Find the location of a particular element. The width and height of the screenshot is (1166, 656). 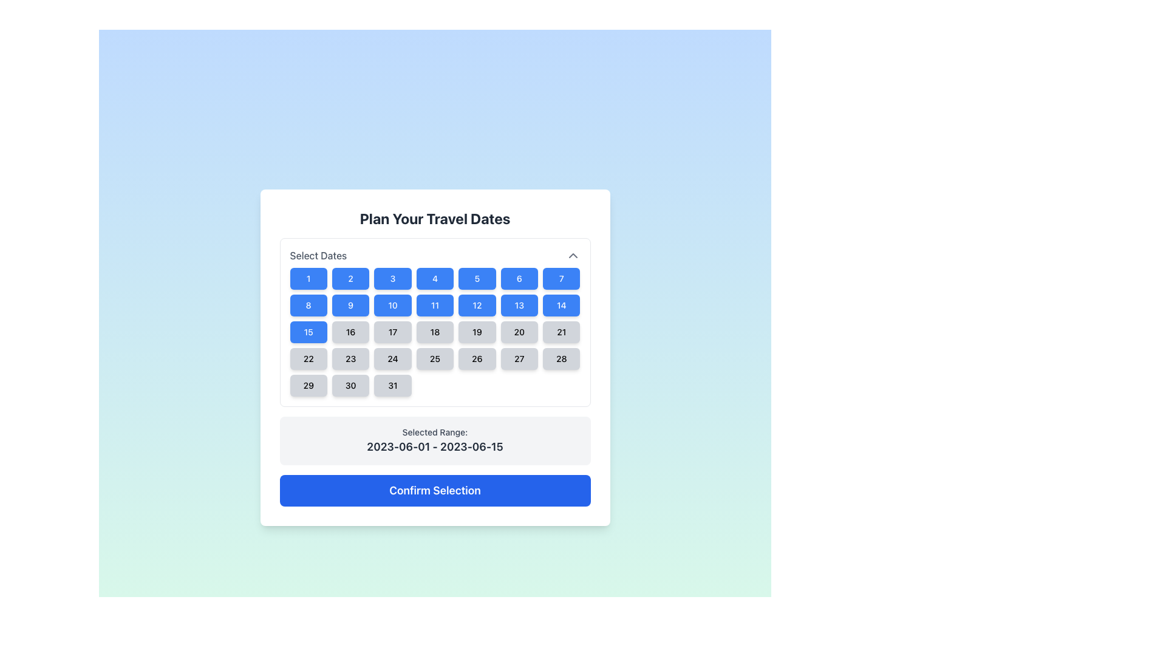

the calendar date button displaying the number '26' located in the 4th row and 5th column is located at coordinates (476, 358).